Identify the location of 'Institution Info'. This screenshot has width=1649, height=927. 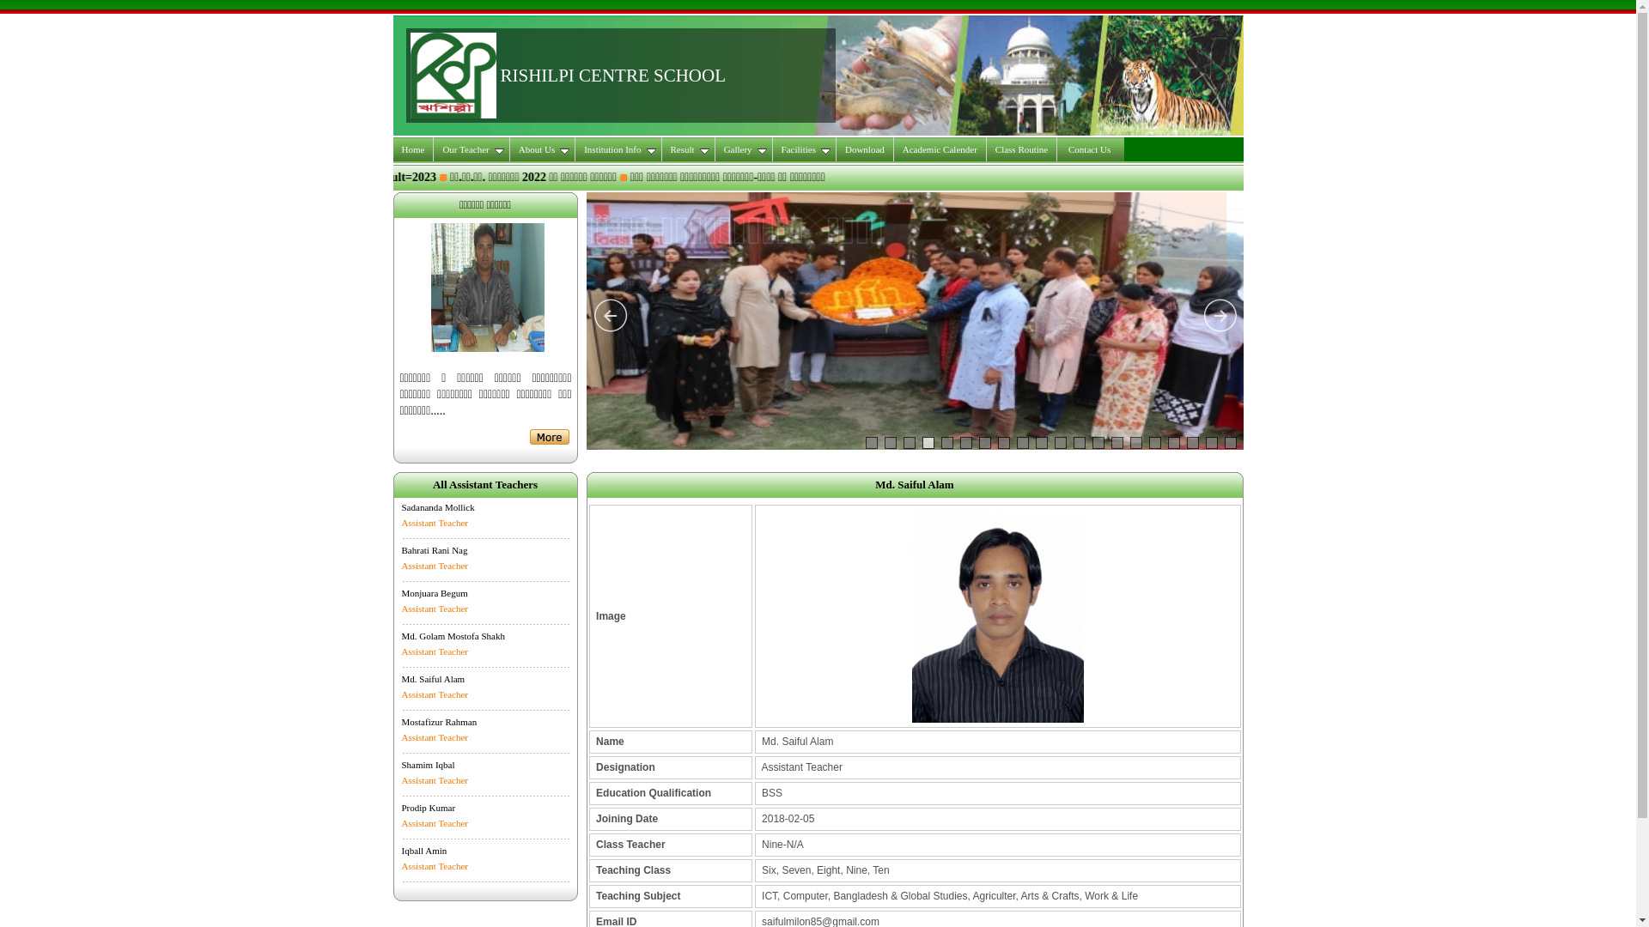
(618, 148).